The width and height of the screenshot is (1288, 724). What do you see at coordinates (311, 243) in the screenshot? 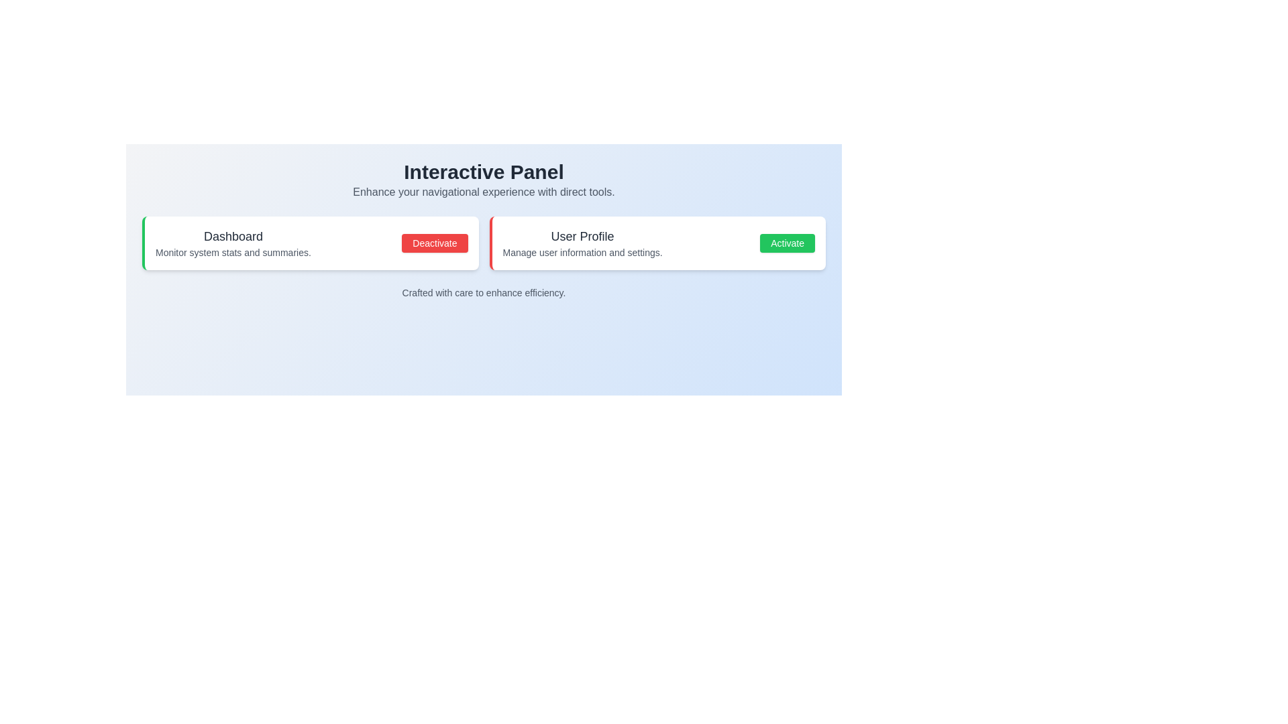
I see `informational text presented in the summary card for the 'Dashboard' feature, which includes a title, a descriptive subtitle, and the red 'Deactivate' button` at bounding box center [311, 243].